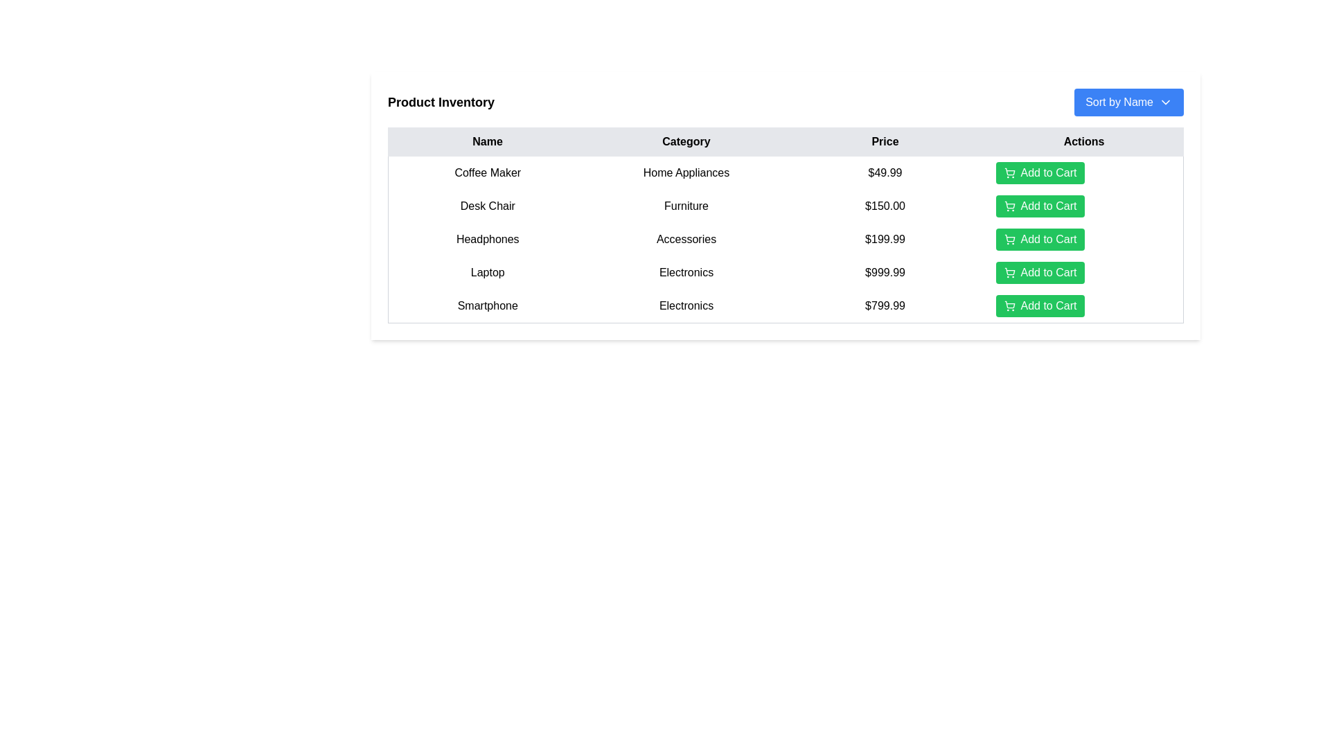 The height and width of the screenshot is (748, 1330). Describe the element at coordinates (686, 206) in the screenshot. I see `the label in the second row under the 'Category' column that indicates the grouping 'Furniture'` at that location.